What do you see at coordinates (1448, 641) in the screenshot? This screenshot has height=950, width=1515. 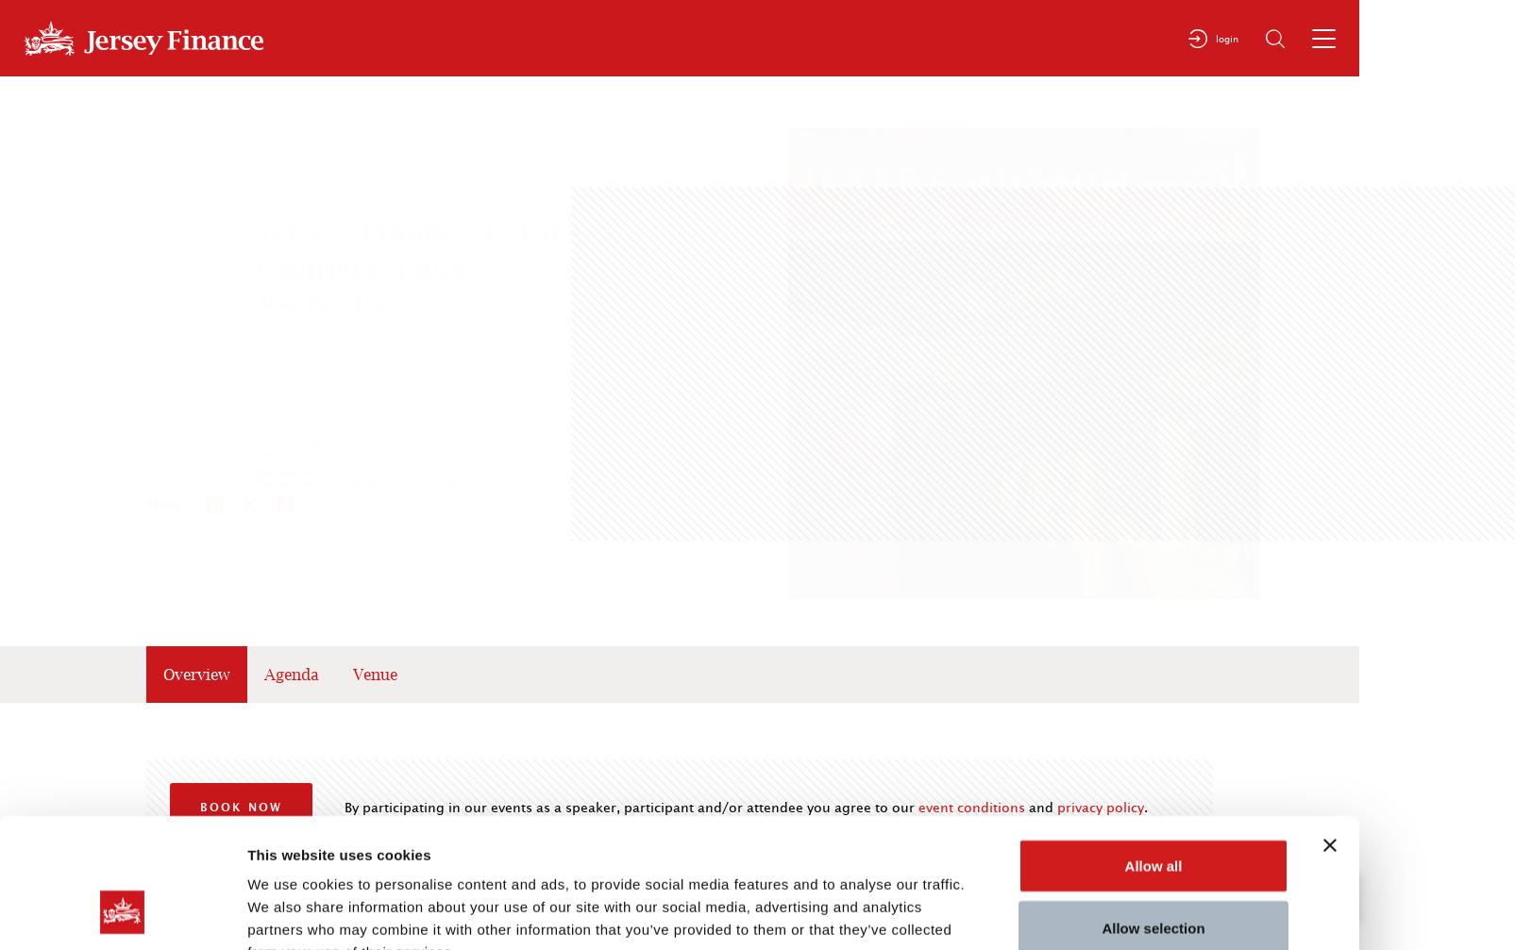 I see `'Member Benefits'` at bounding box center [1448, 641].